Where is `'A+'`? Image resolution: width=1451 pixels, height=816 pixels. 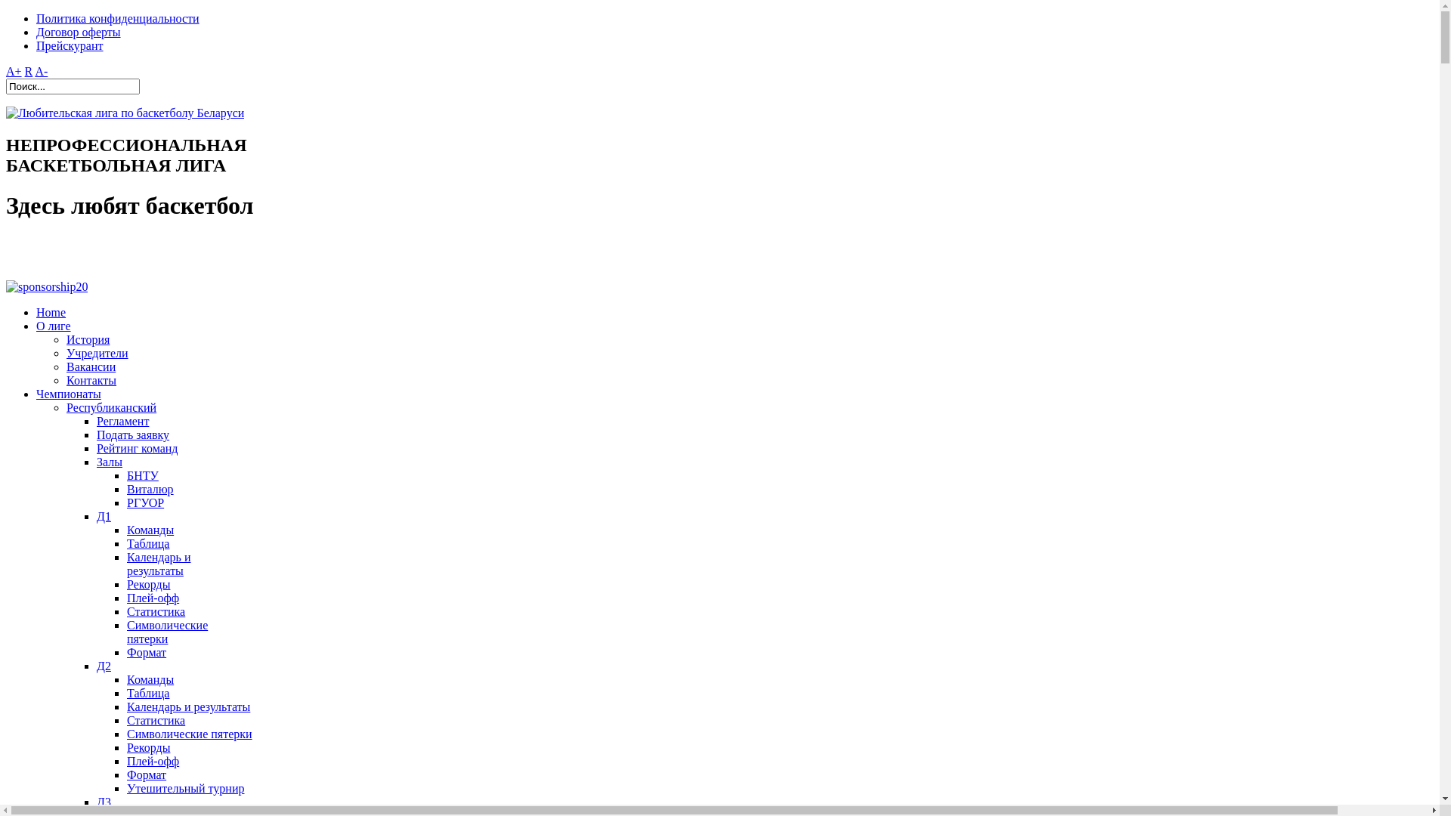 'A+' is located at coordinates (14, 71).